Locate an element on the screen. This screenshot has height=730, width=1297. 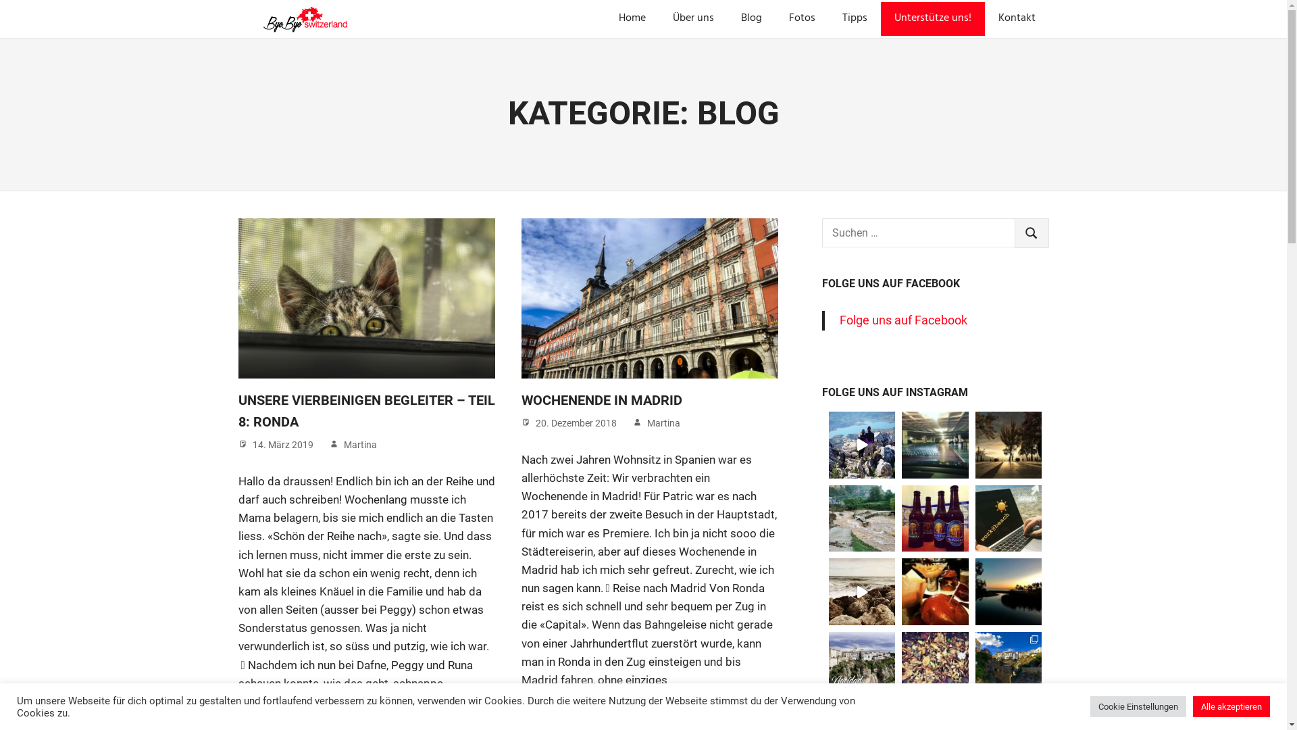
'WOCHENENDE IN MADRID' is located at coordinates (601, 399).